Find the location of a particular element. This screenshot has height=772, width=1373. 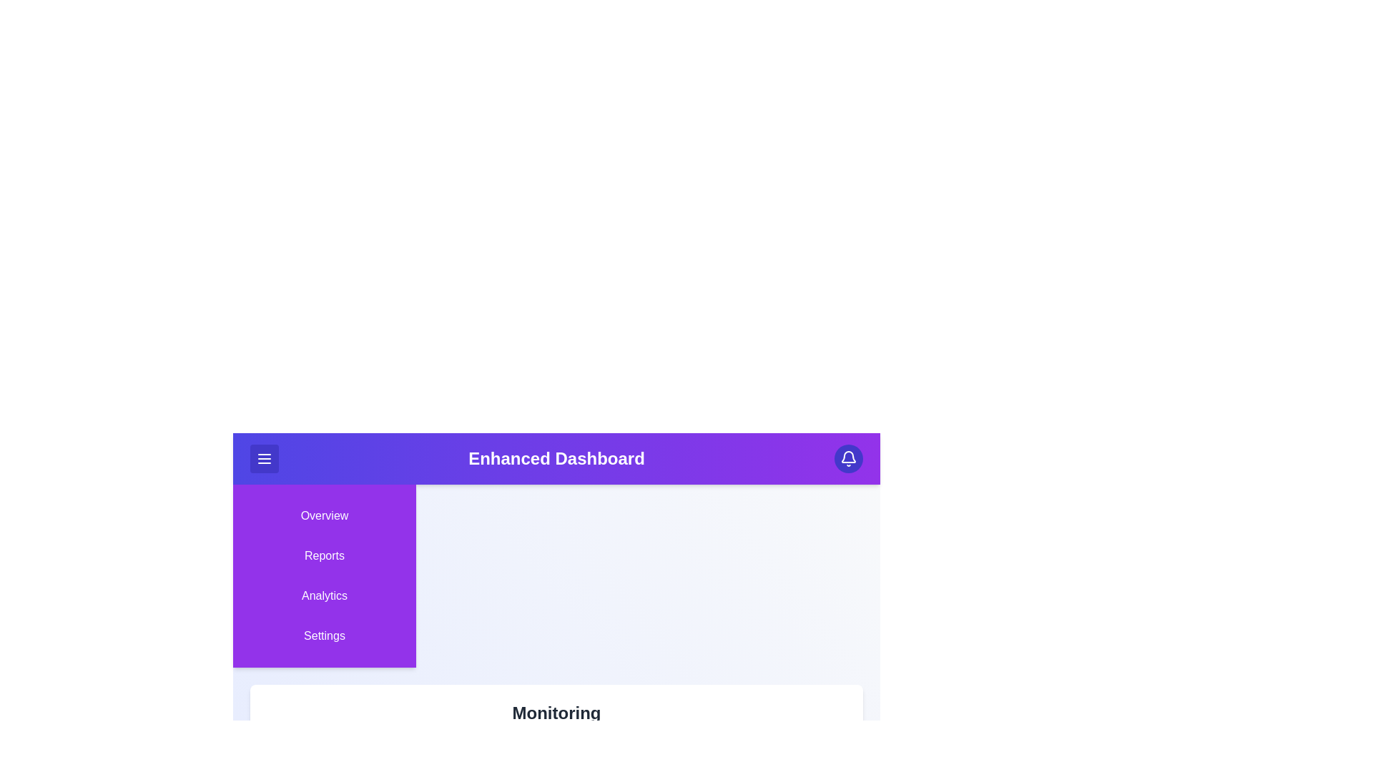

the sidebar menu item Analytics to navigate to its section is located at coordinates (324, 595).